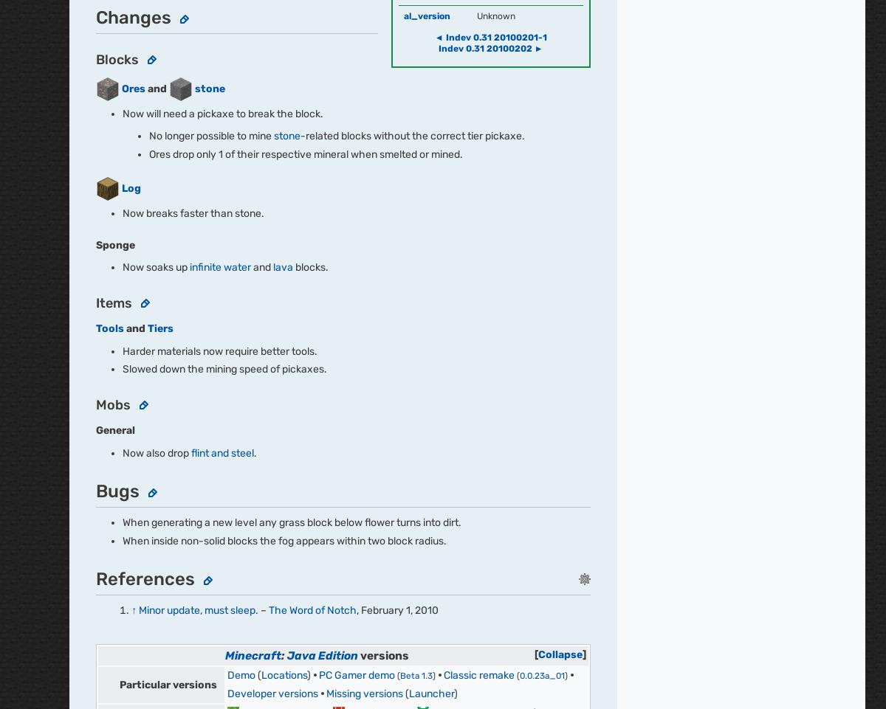 Image resolution: width=886 pixels, height=709 pixels. Describe the element at coordinates (128, 337) in the screenshot. I see `'Follow Us'` at that location.